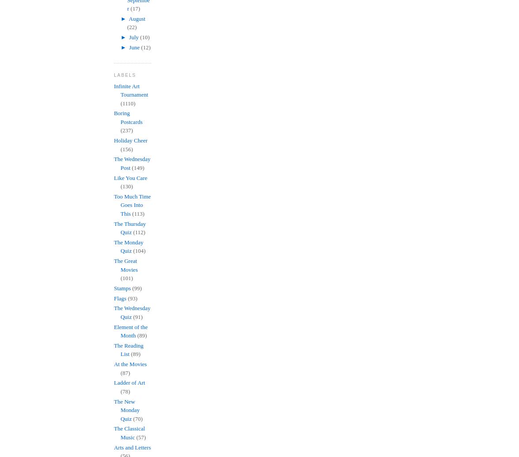  Describe the element at coordinates (132, 163) in the screenshot. I see `'The Wednesday Post'` at that location.